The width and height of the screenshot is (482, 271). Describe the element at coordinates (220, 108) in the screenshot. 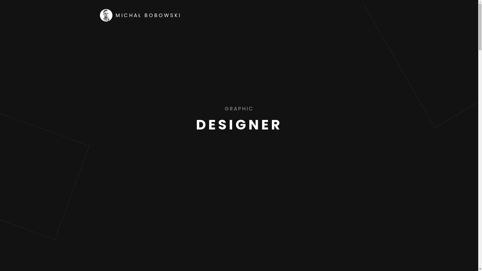

I see `'FULL STACK'` at that location.